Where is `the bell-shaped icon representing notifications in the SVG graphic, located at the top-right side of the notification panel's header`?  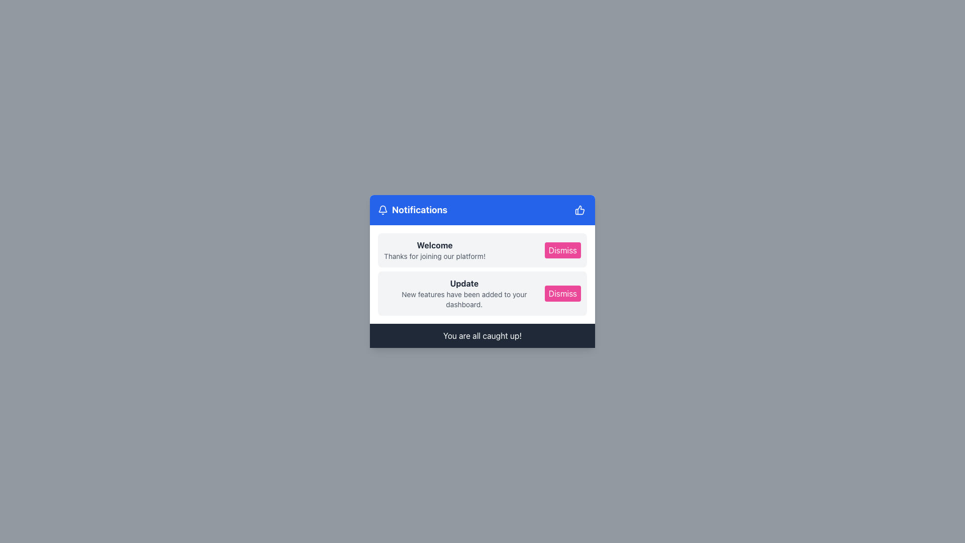
the bell-shaped icon representing notifications in the SVG graphic, located at the top-right side of the notification panel's header is located at coordinates (382, 208).